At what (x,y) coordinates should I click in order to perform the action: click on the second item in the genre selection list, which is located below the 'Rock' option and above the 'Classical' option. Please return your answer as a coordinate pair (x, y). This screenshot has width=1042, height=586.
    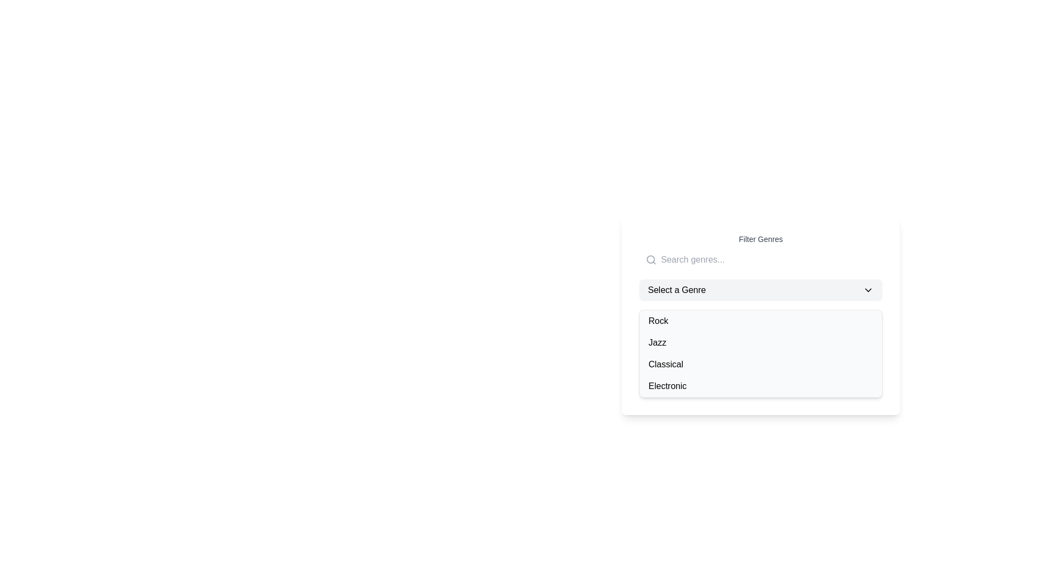
    Looking at the image, I should click on (760, 343).